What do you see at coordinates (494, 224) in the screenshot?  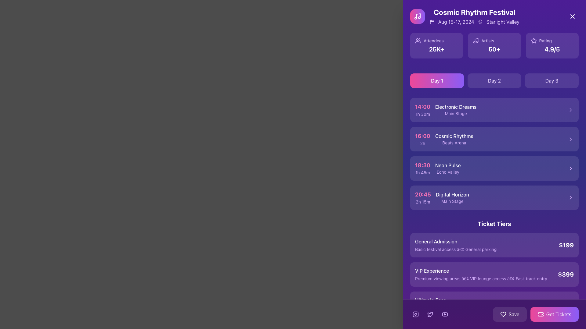 I see `the Text Label that serves as a title for the ticket tiers section, located at the top of the ticket options list on the right-hand side of the interface` at bounding box center [494, 224].